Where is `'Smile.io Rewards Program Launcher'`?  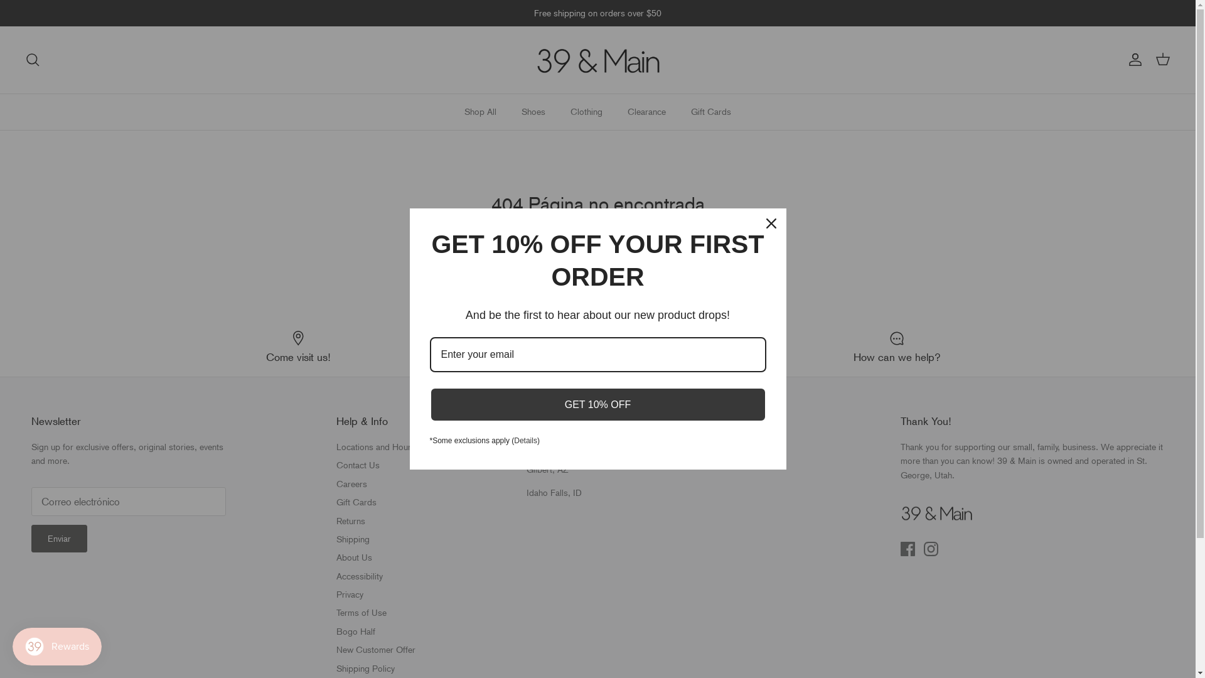 'Smile.io Rewards Program Launcher' is located at coordinates (56, 646).